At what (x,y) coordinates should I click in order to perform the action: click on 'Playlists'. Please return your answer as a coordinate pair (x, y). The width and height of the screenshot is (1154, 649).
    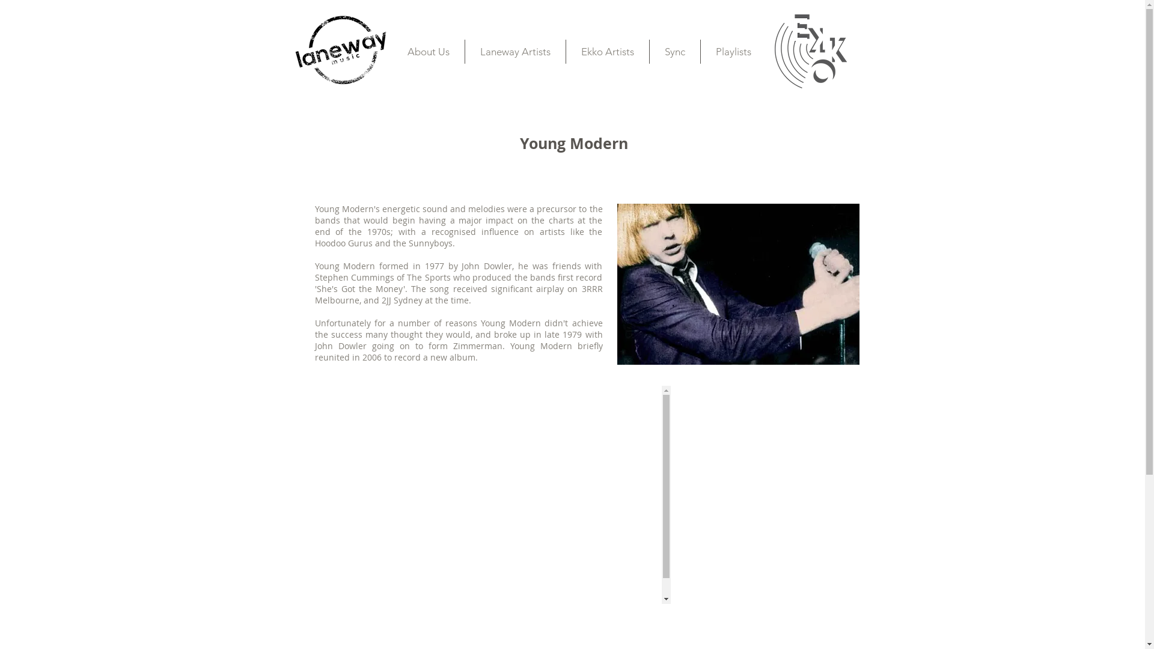
    Looking at the image, I should click on (733, 50).